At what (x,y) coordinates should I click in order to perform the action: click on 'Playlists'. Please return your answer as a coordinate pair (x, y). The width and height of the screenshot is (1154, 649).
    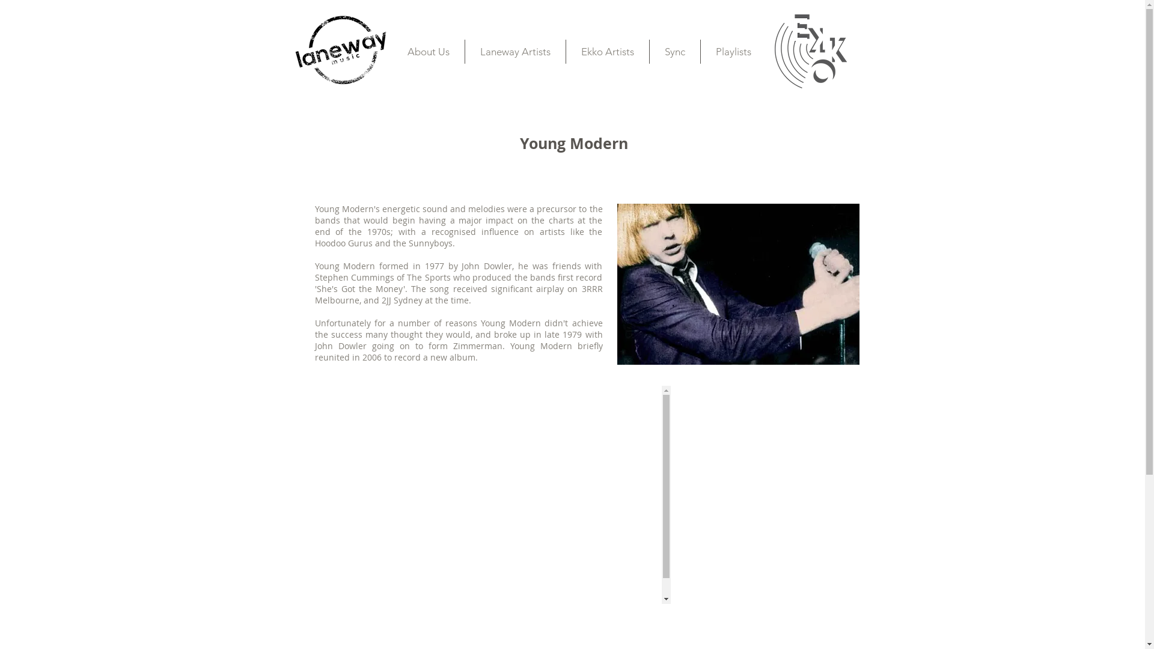
    Looking at the image, I should click on (733, 50).